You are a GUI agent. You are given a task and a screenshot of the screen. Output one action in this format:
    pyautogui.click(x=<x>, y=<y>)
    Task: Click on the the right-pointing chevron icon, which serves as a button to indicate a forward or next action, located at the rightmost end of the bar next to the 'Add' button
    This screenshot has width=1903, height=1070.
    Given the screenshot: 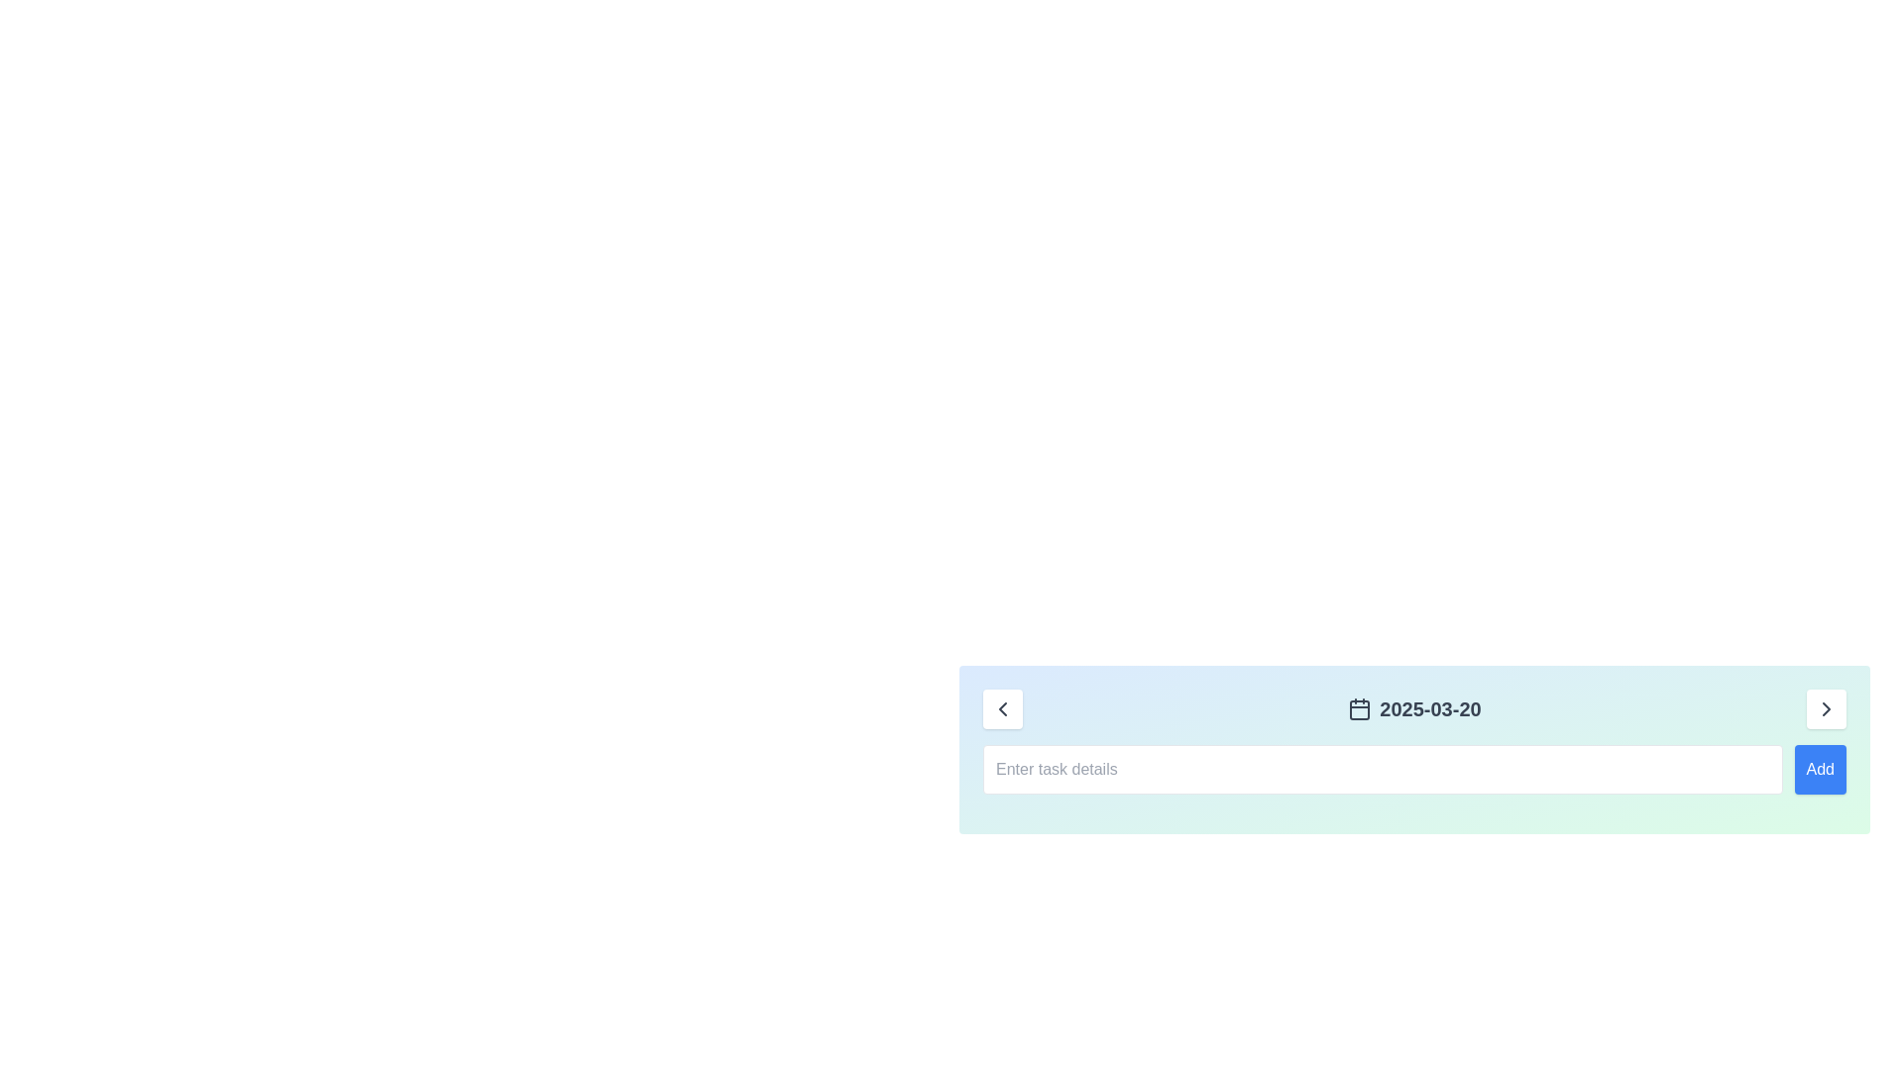 What is the action you would take?
    pyautogui.click(x=1826, y=708)
    